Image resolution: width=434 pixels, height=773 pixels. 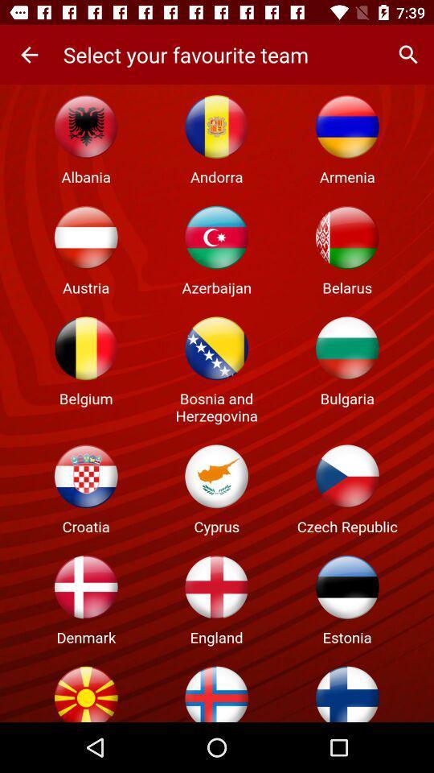 What do you see at coordinates (29, 55) in the screenshot?
I see `item next to the select your favourite item` at bounding box center [29, 55].